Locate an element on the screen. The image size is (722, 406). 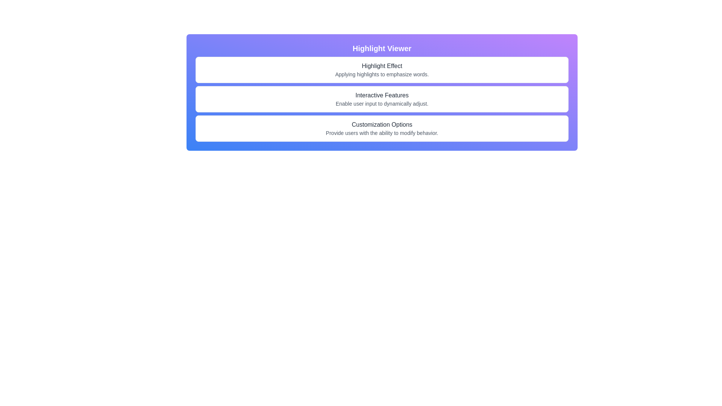
the non-interactive Text element that contributes to the phrase 'Customization Options', specifically following the letter 'n' is located at coordinates (393, 124).